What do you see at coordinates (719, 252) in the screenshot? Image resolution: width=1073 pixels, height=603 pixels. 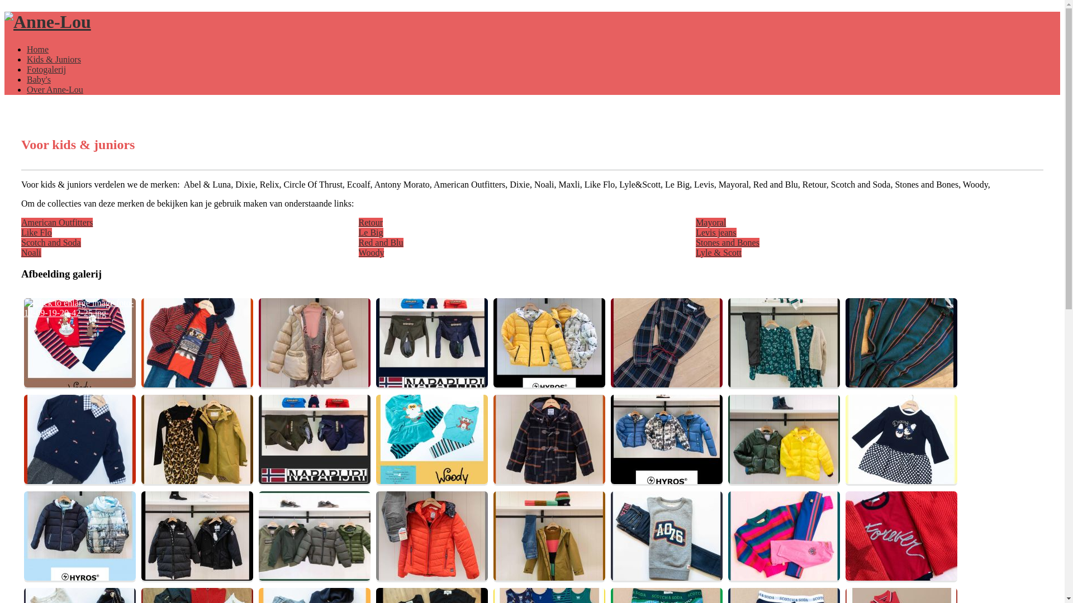 I see `'Lyle & Scott'` at bounding box center [719, 252].